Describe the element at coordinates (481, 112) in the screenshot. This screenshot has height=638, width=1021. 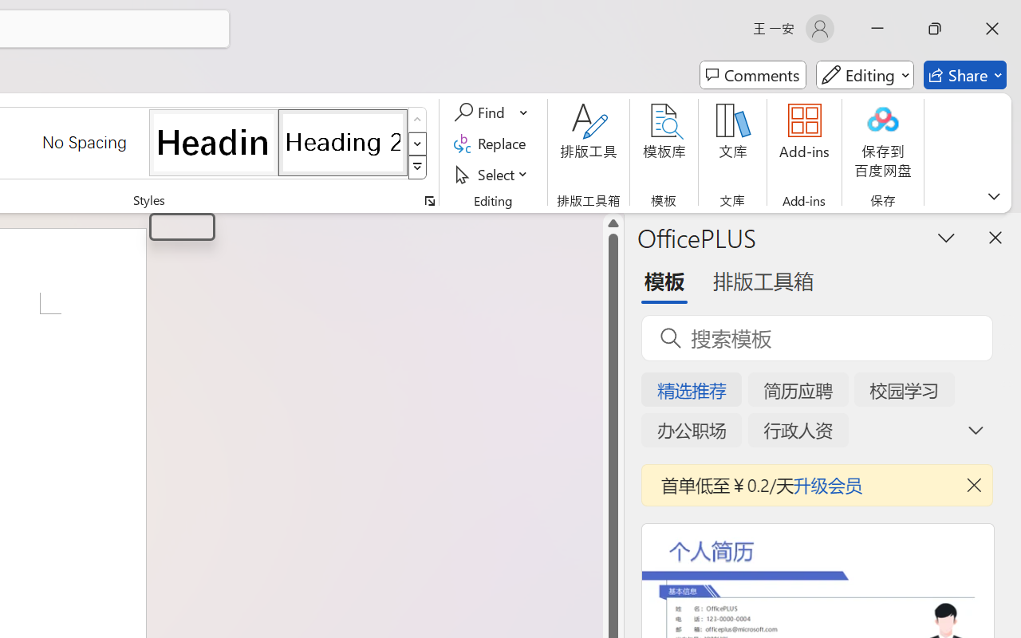
I see `'Find'` at that location.